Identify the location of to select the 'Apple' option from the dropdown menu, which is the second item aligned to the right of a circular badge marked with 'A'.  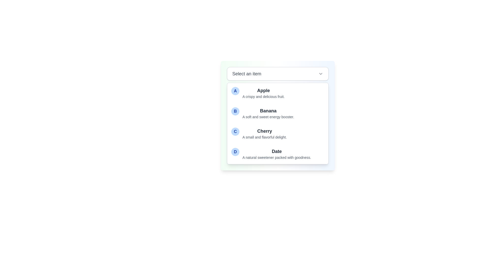
(263, 93).